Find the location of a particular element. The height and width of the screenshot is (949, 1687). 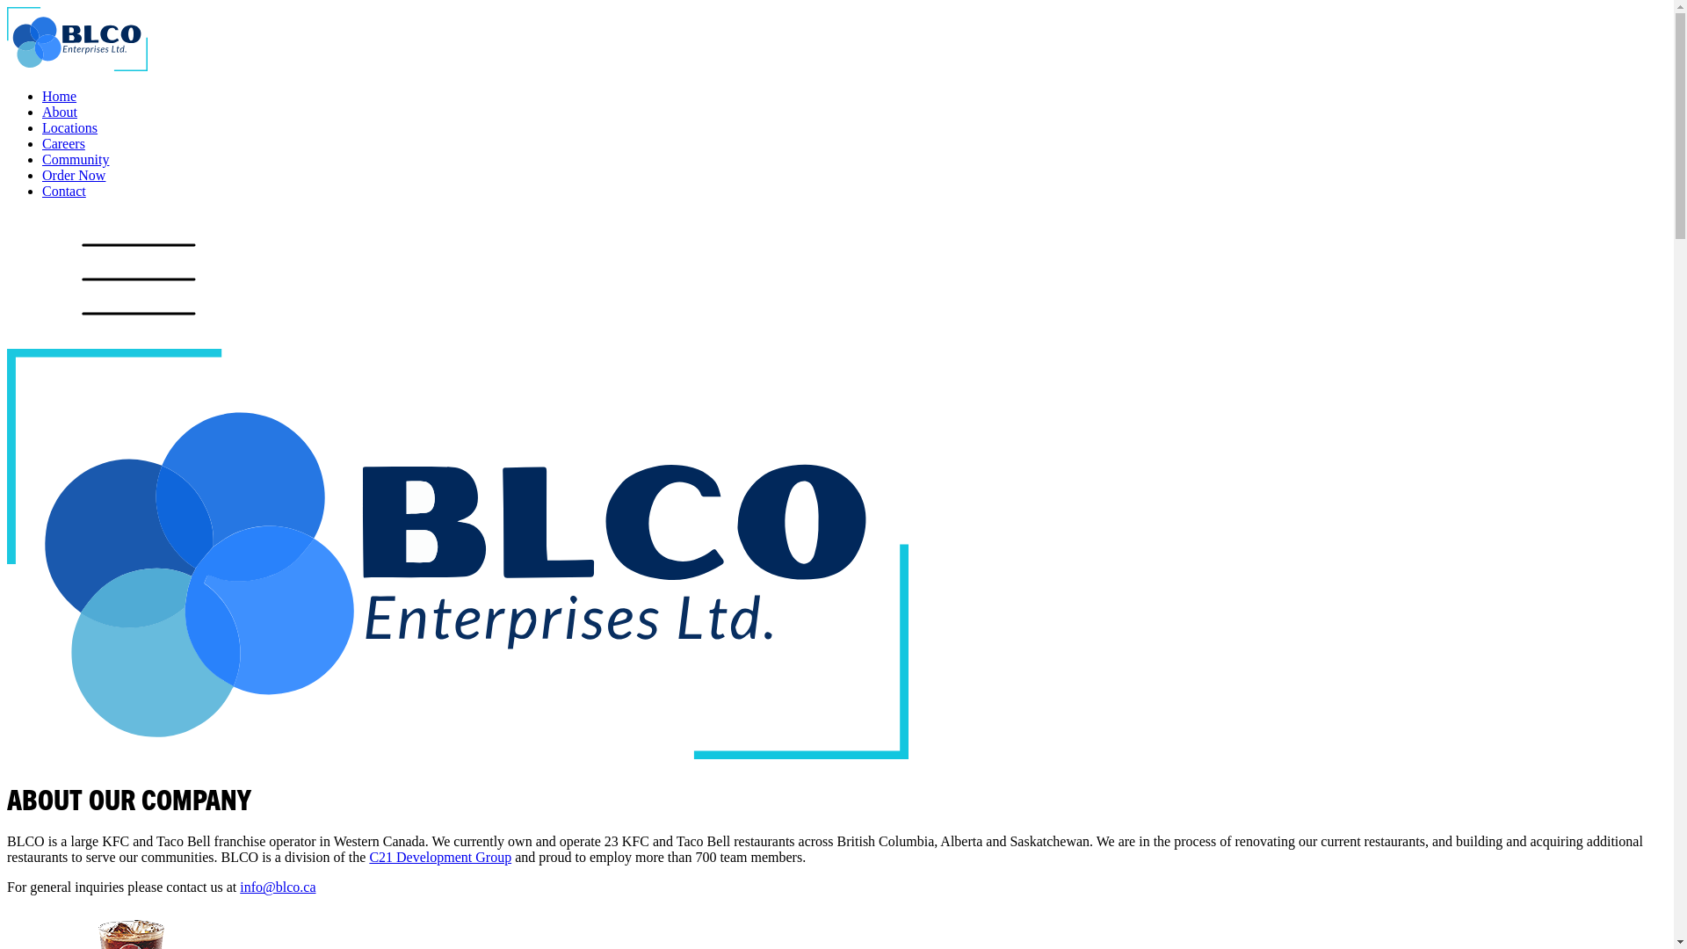

'C21 Development Group' is located at coordinates (439, 856).